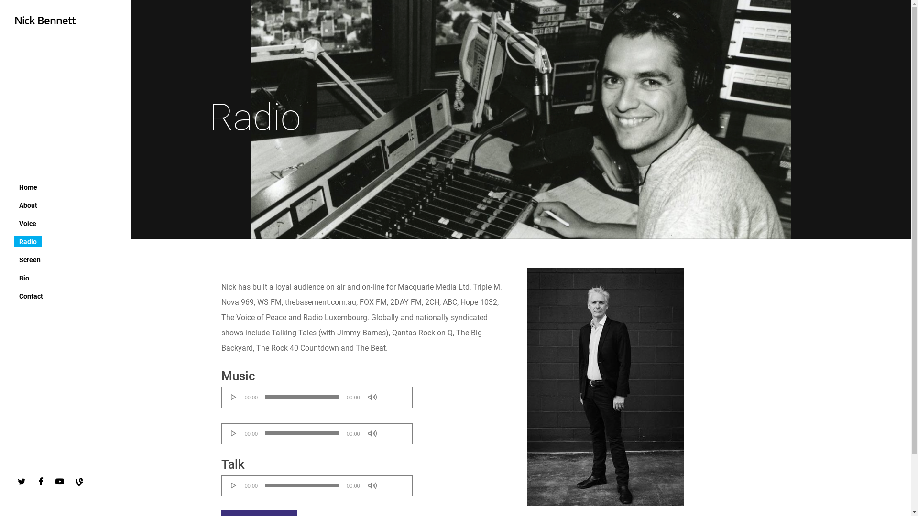  What do you see at coordinates (61, 481) in the screenshot?
I see `'youtube'` at bounding box center [61, 481].